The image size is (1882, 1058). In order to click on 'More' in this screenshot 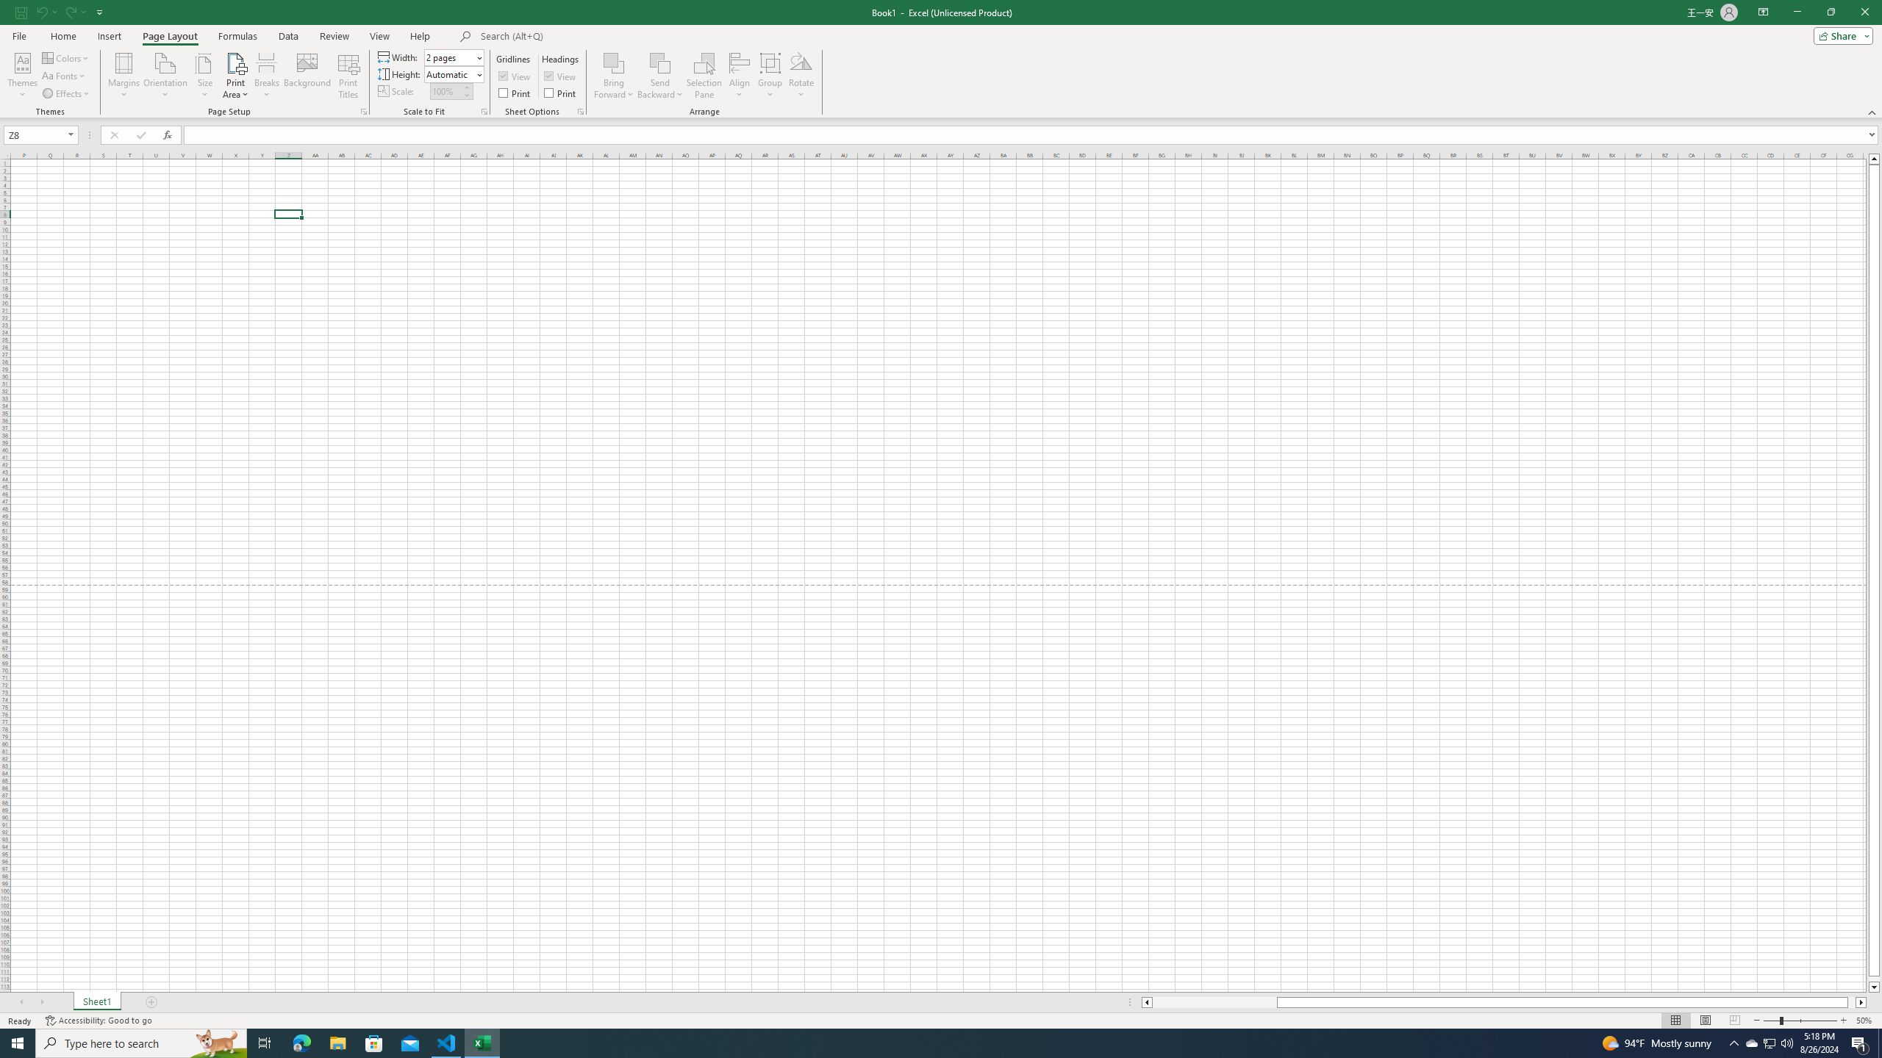, I will do `click(465, 87)`.